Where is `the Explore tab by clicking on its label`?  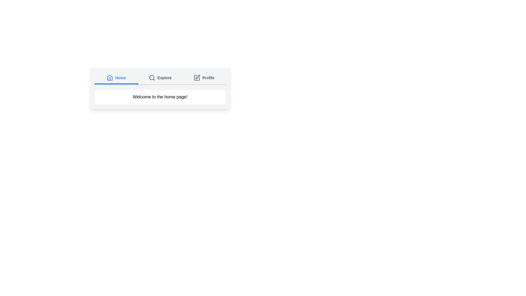
the Explore tab by clicking on its label is located at coordinates (160, 78).